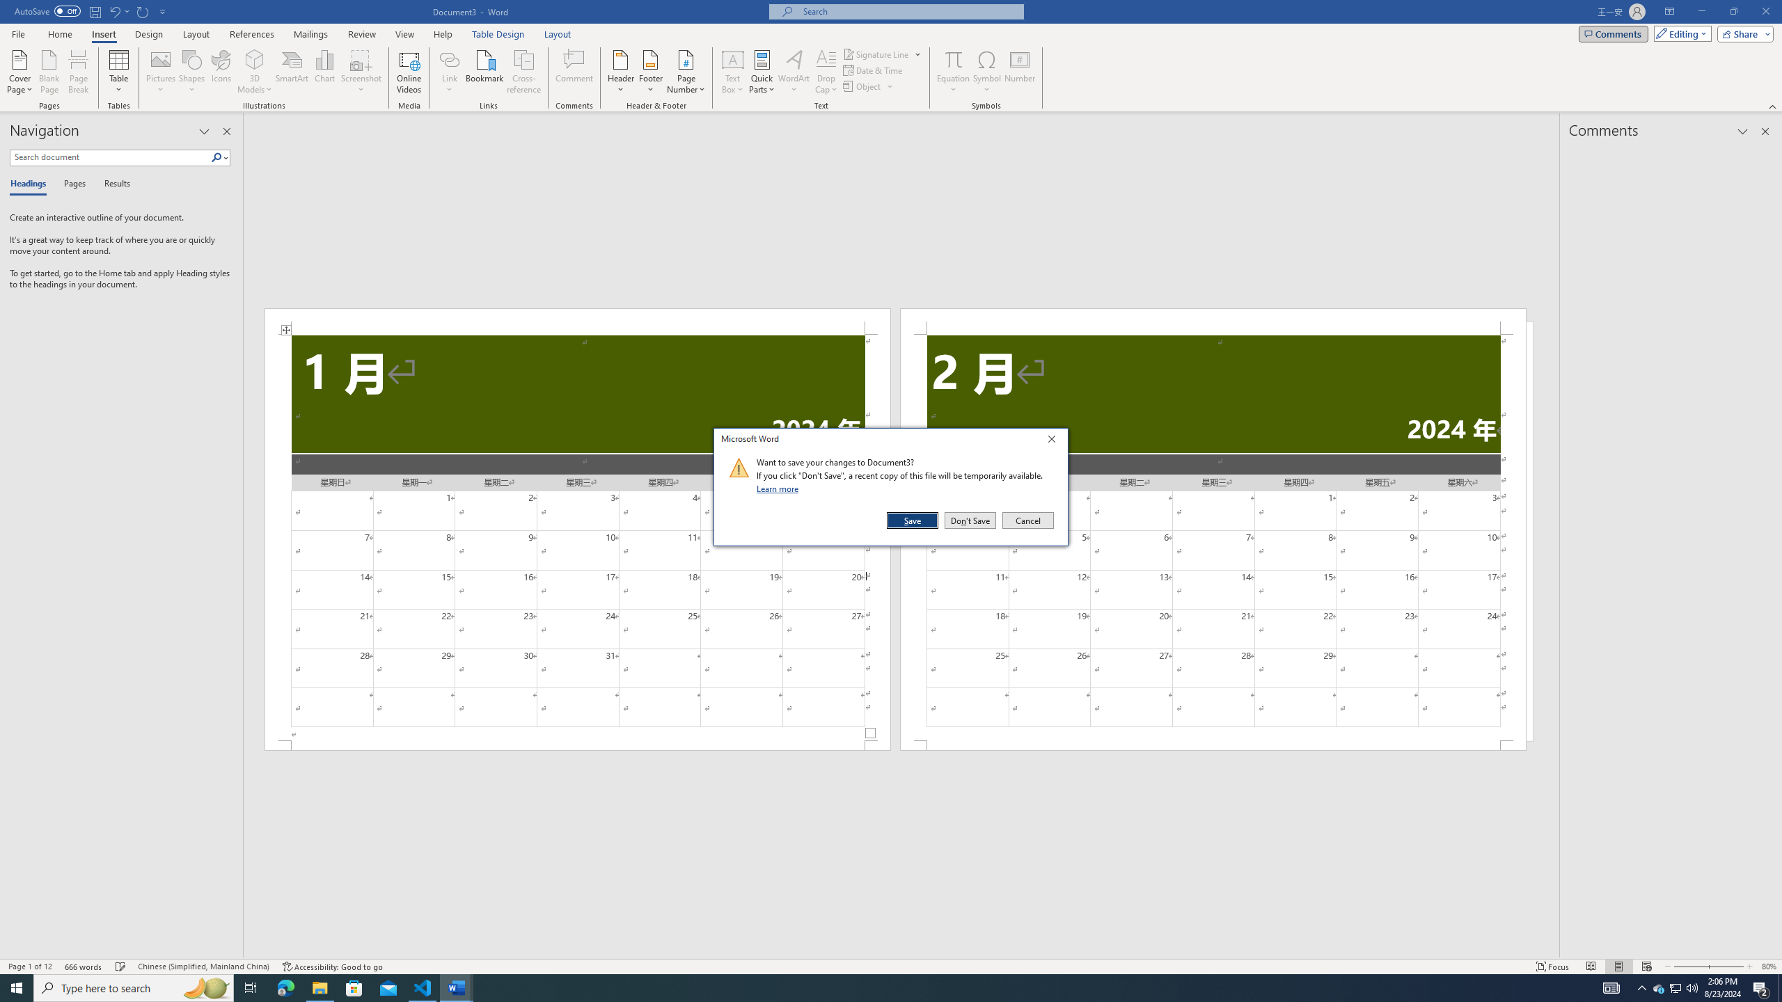 The height and width of the screenshot is (1002, 1782). Describe the element at coordinates (90, 11) in the screenshot. I see `'Quick Access Toolbar'` at that location.